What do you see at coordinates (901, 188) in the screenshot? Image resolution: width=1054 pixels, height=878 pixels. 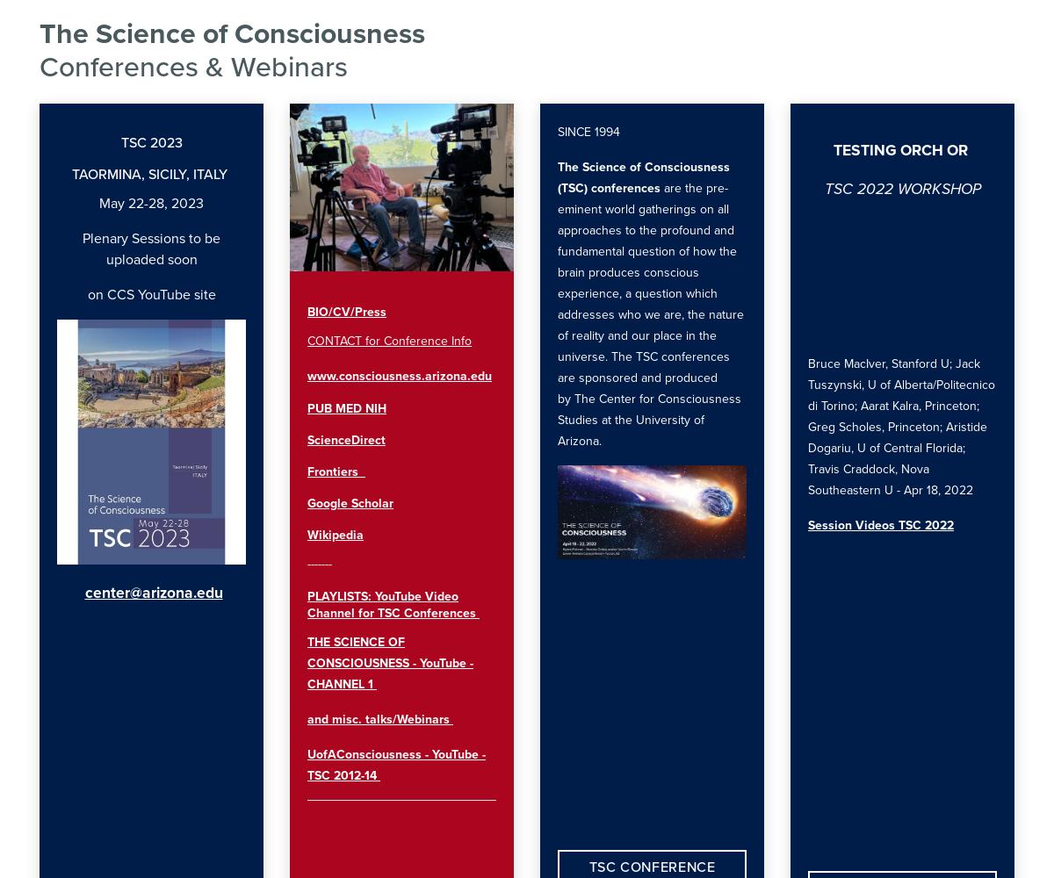 I see `'TSC 2022 WORKSHOP'` at bounding box center [901, 188].